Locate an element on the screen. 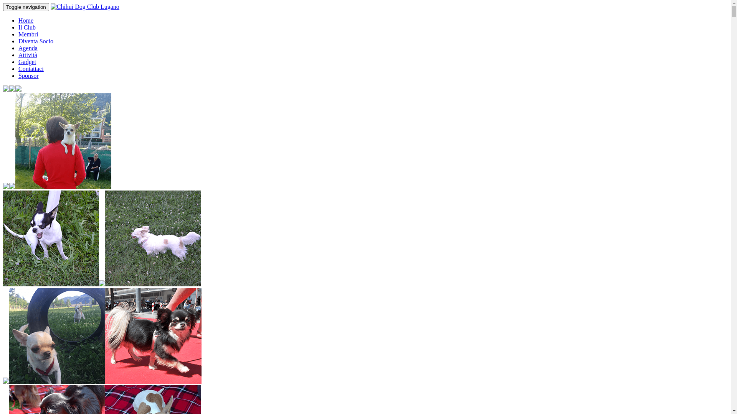 The height and width of the screenshot is (414, 737). 'Agenda' is located at coordinates (18, 48).